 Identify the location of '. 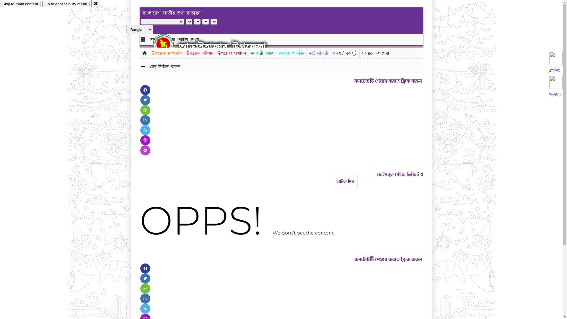
(168, 44).